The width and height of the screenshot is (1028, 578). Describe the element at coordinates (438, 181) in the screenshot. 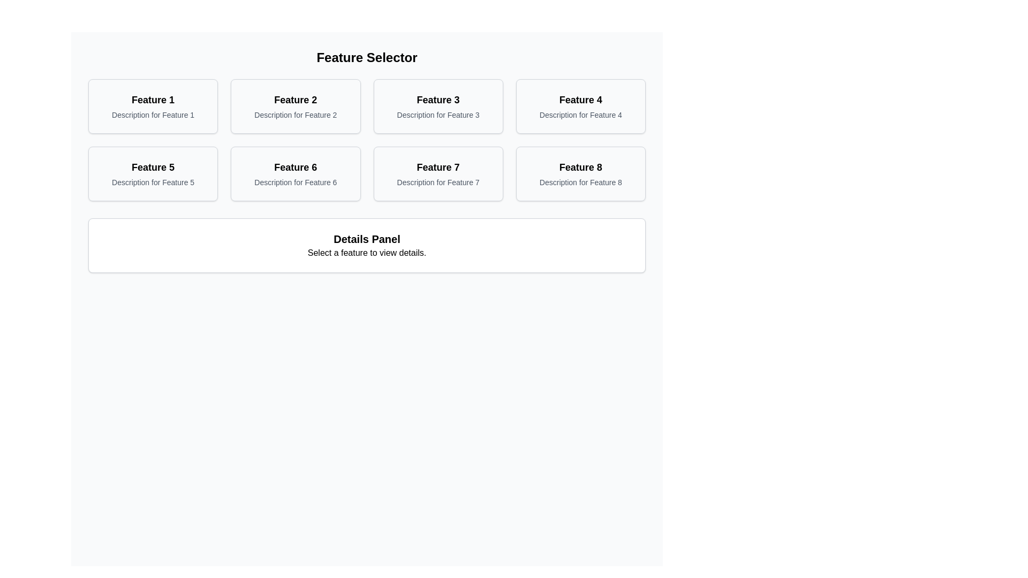

I see `the static text element reading 'Description for Feature 7', which is styled in a small, gray font and located slightly below the bold header 'Feature 7' in the card for 'Feature 7'` at that location.